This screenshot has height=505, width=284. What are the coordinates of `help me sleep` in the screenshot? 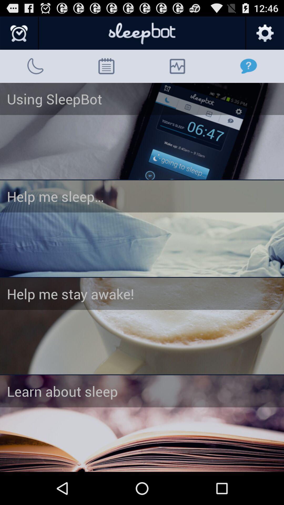 It's located at (142, 229).